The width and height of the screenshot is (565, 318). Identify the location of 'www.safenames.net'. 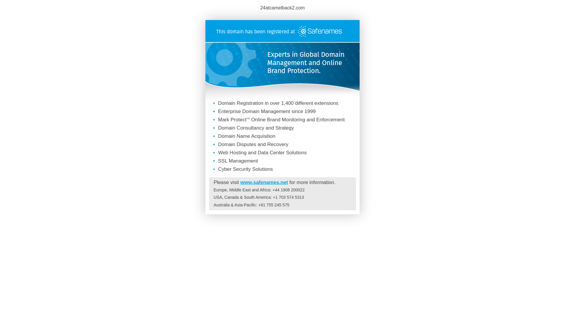
(240, 182).